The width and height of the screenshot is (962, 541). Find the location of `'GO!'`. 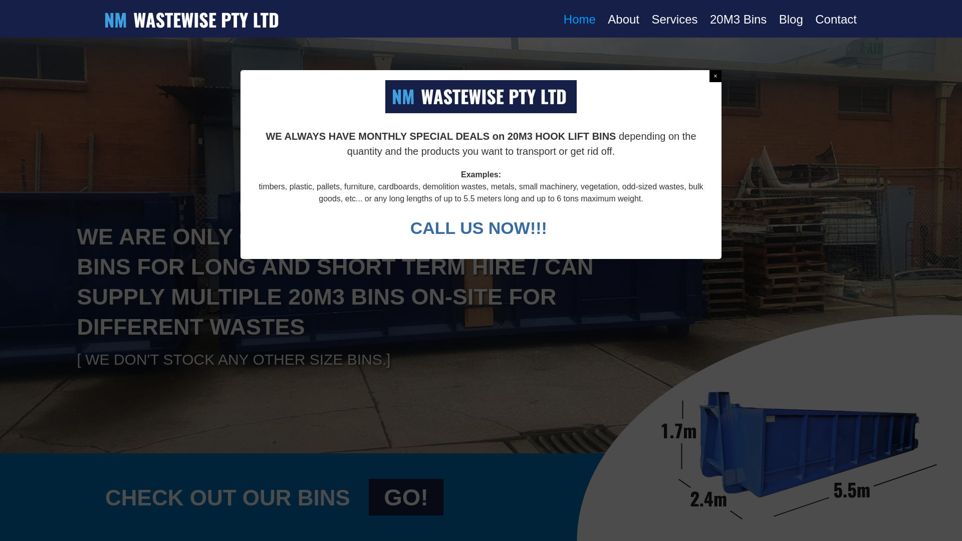

'GO!' is located at coordinates (368, 497).